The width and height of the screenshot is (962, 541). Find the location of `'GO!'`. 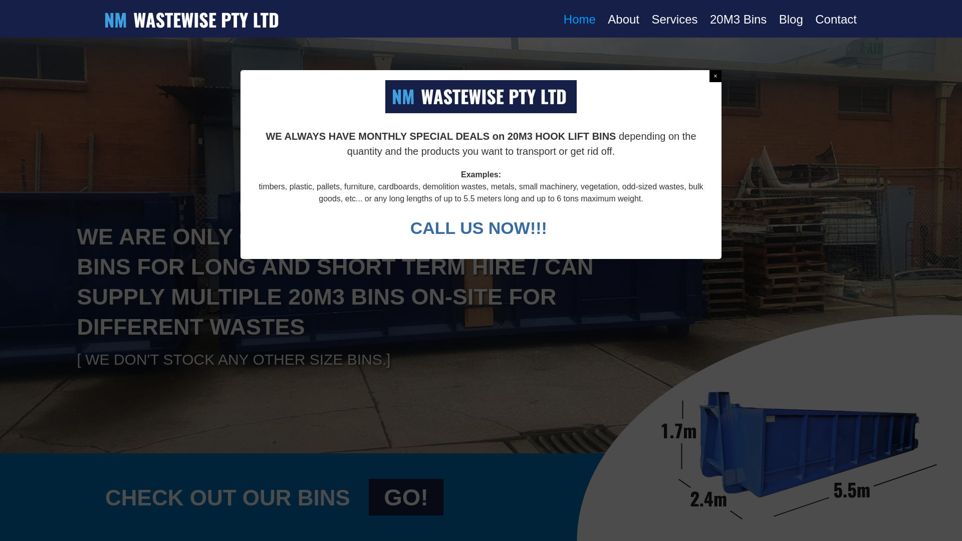

'GO!' is located at coordinates (368, 497).